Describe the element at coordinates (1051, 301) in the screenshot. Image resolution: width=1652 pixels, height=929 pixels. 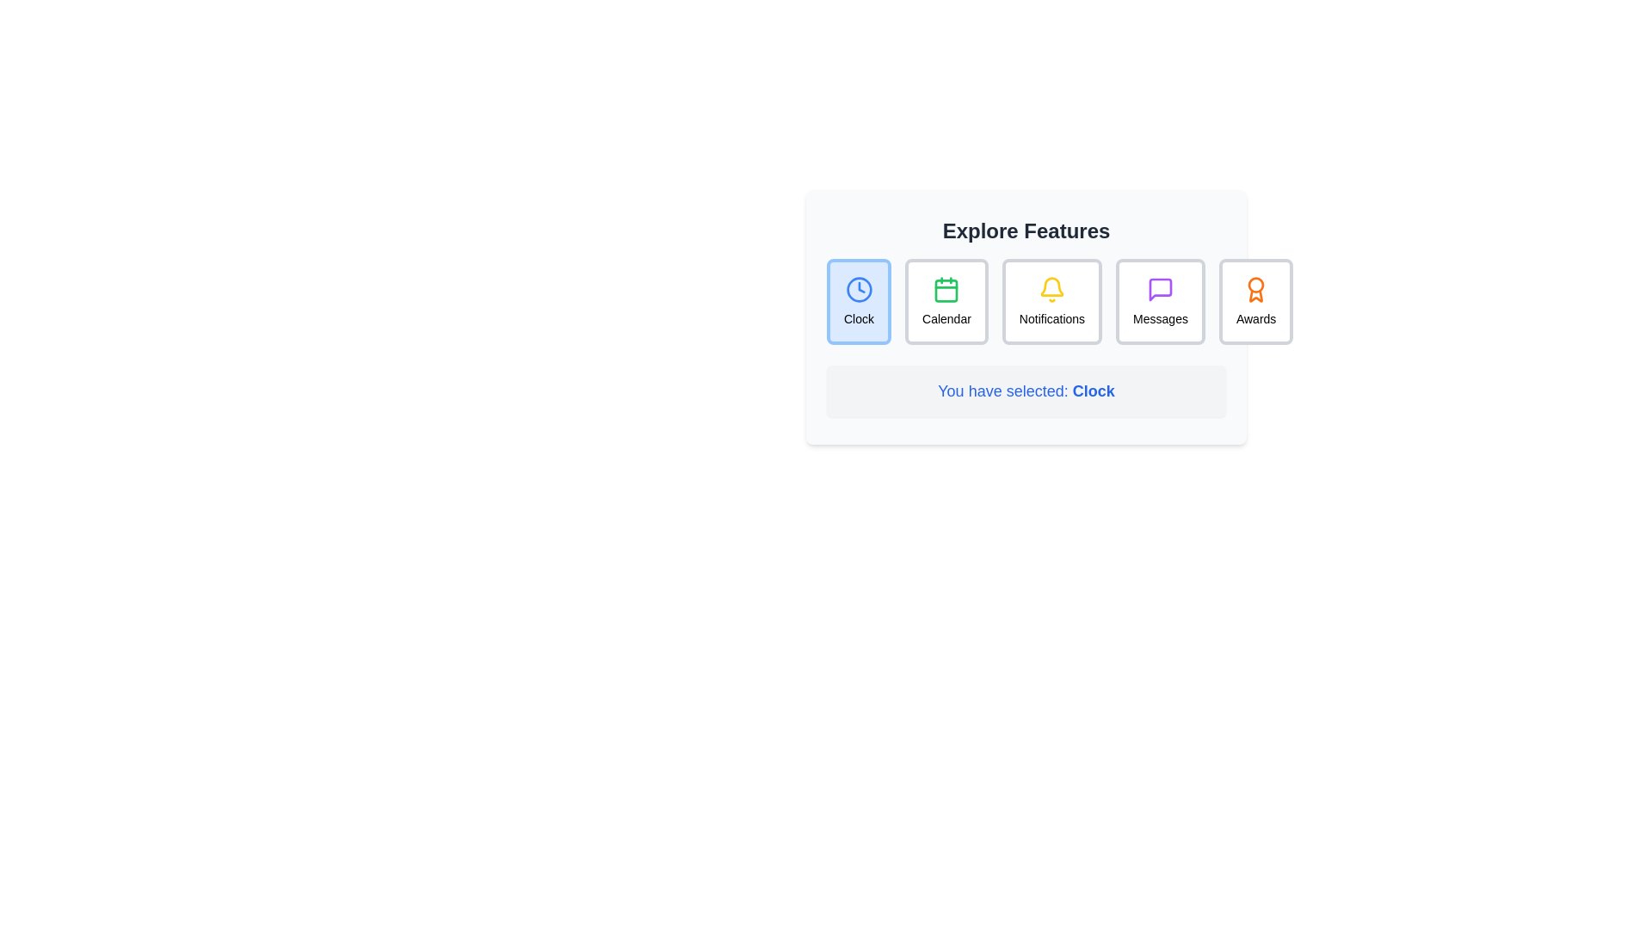
I see `the 'Notifications' button, which is a rectangular button with rounded corners, a white background, a gray border, and a yellow bell icon above the text` at that location.